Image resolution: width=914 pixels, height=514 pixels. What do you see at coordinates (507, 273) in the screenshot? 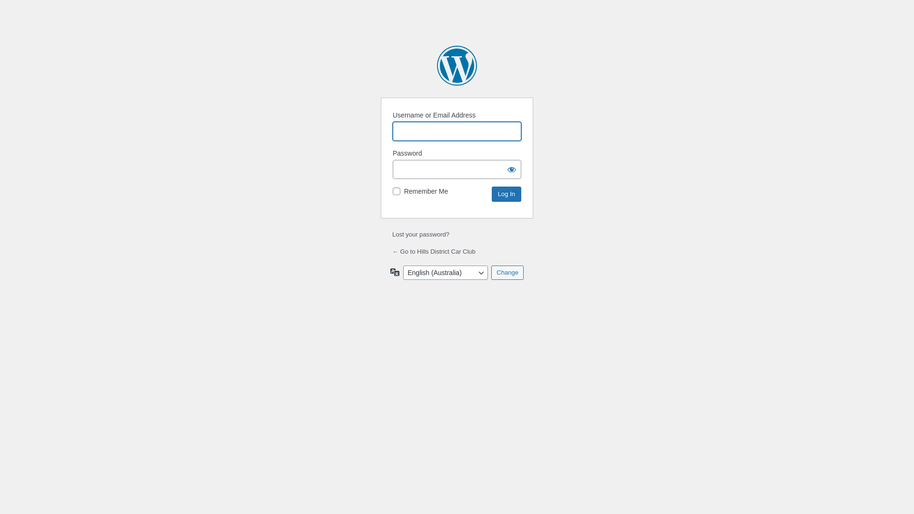
I see `'Change'` at bounding box center [507, 273].